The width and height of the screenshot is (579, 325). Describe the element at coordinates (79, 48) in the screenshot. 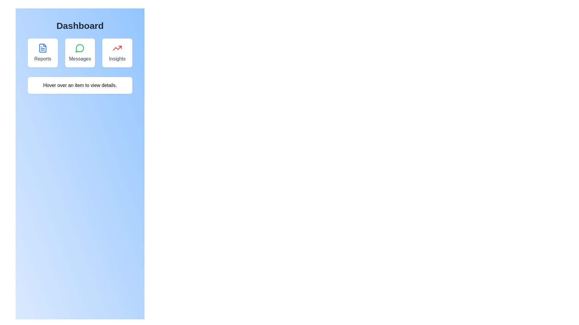

I see `the circular icon within the green-bordered speech bubble that represents 'Messages' in the dashboard section` at that location.